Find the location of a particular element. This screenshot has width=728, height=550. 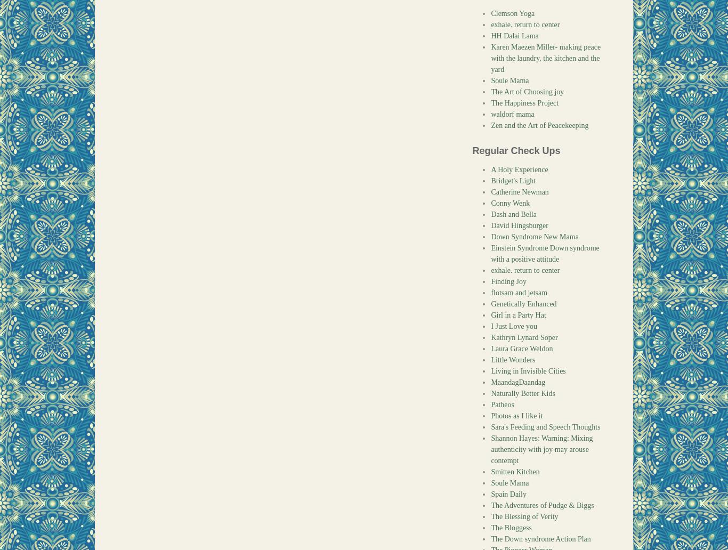

'The Art of Choosing joy' is located at coordinates (527, 91).